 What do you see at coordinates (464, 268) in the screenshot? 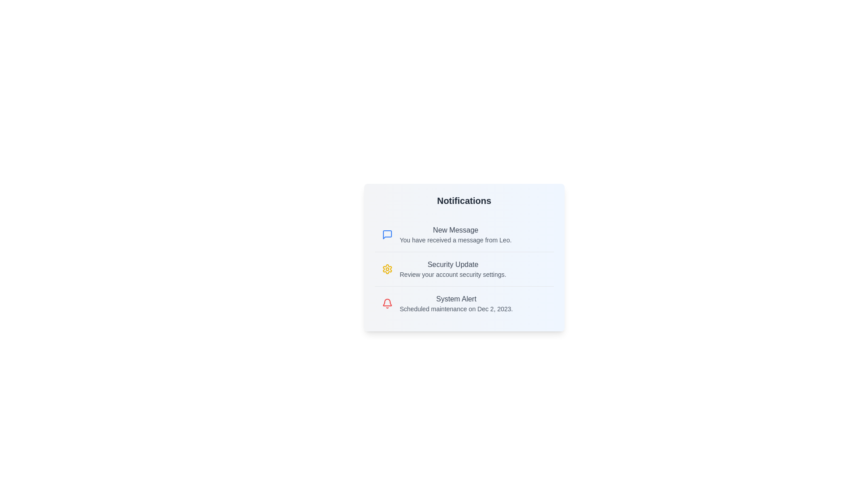
I see `the notification titled 'Security Update' to view its details` at bounding box center [464, 268].